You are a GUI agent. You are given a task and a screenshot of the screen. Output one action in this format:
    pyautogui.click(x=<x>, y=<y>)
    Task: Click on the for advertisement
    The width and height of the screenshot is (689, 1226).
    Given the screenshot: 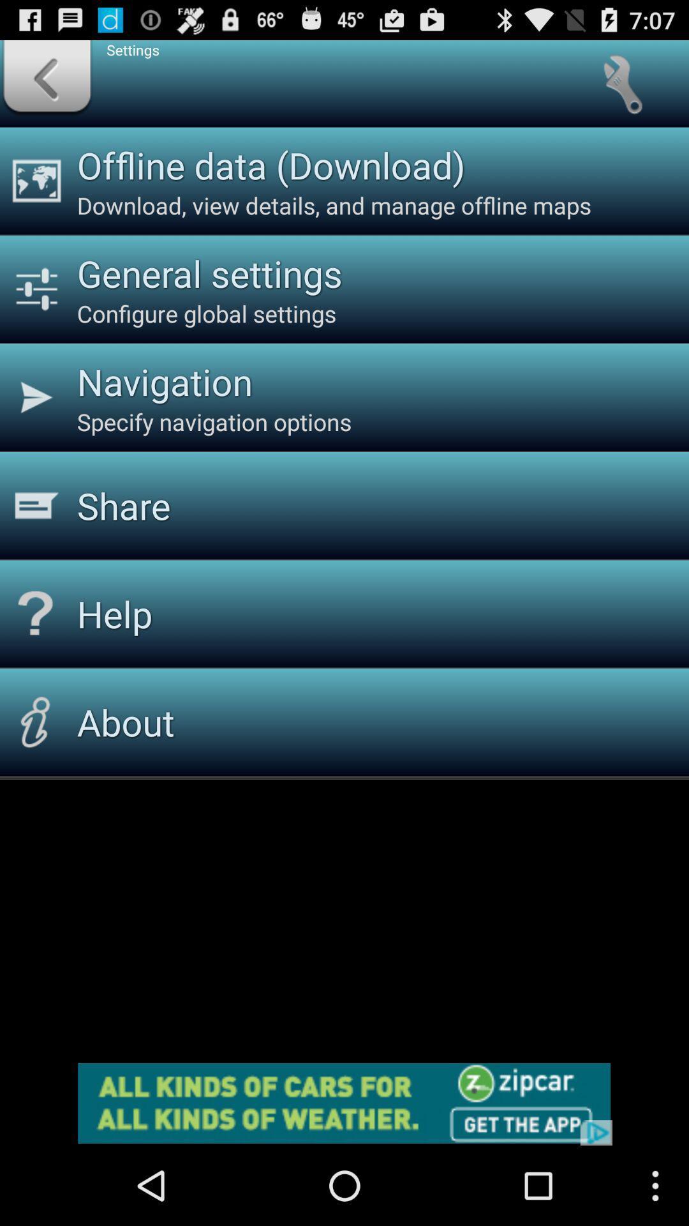 What is the action you would take?
    pyautogui.click(x=344, y=1103)
    